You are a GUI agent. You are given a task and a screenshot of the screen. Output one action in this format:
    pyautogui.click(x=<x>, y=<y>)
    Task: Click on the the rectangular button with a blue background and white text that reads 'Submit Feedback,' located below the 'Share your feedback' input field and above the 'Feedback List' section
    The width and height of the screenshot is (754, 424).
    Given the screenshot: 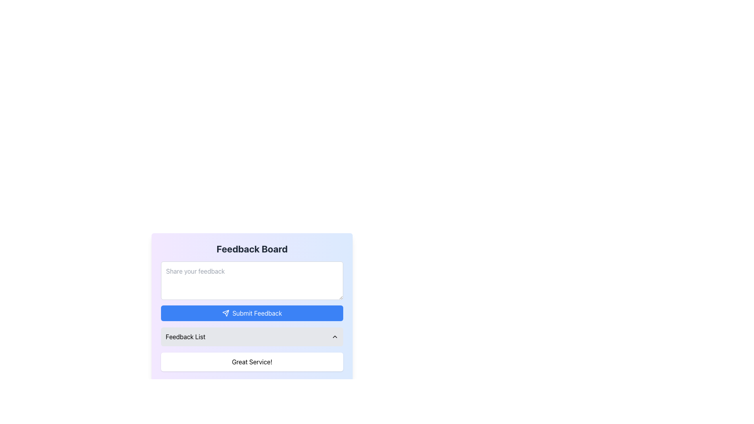 What is the action you would take?
    pyautogui.click(x=252, y=313)
    